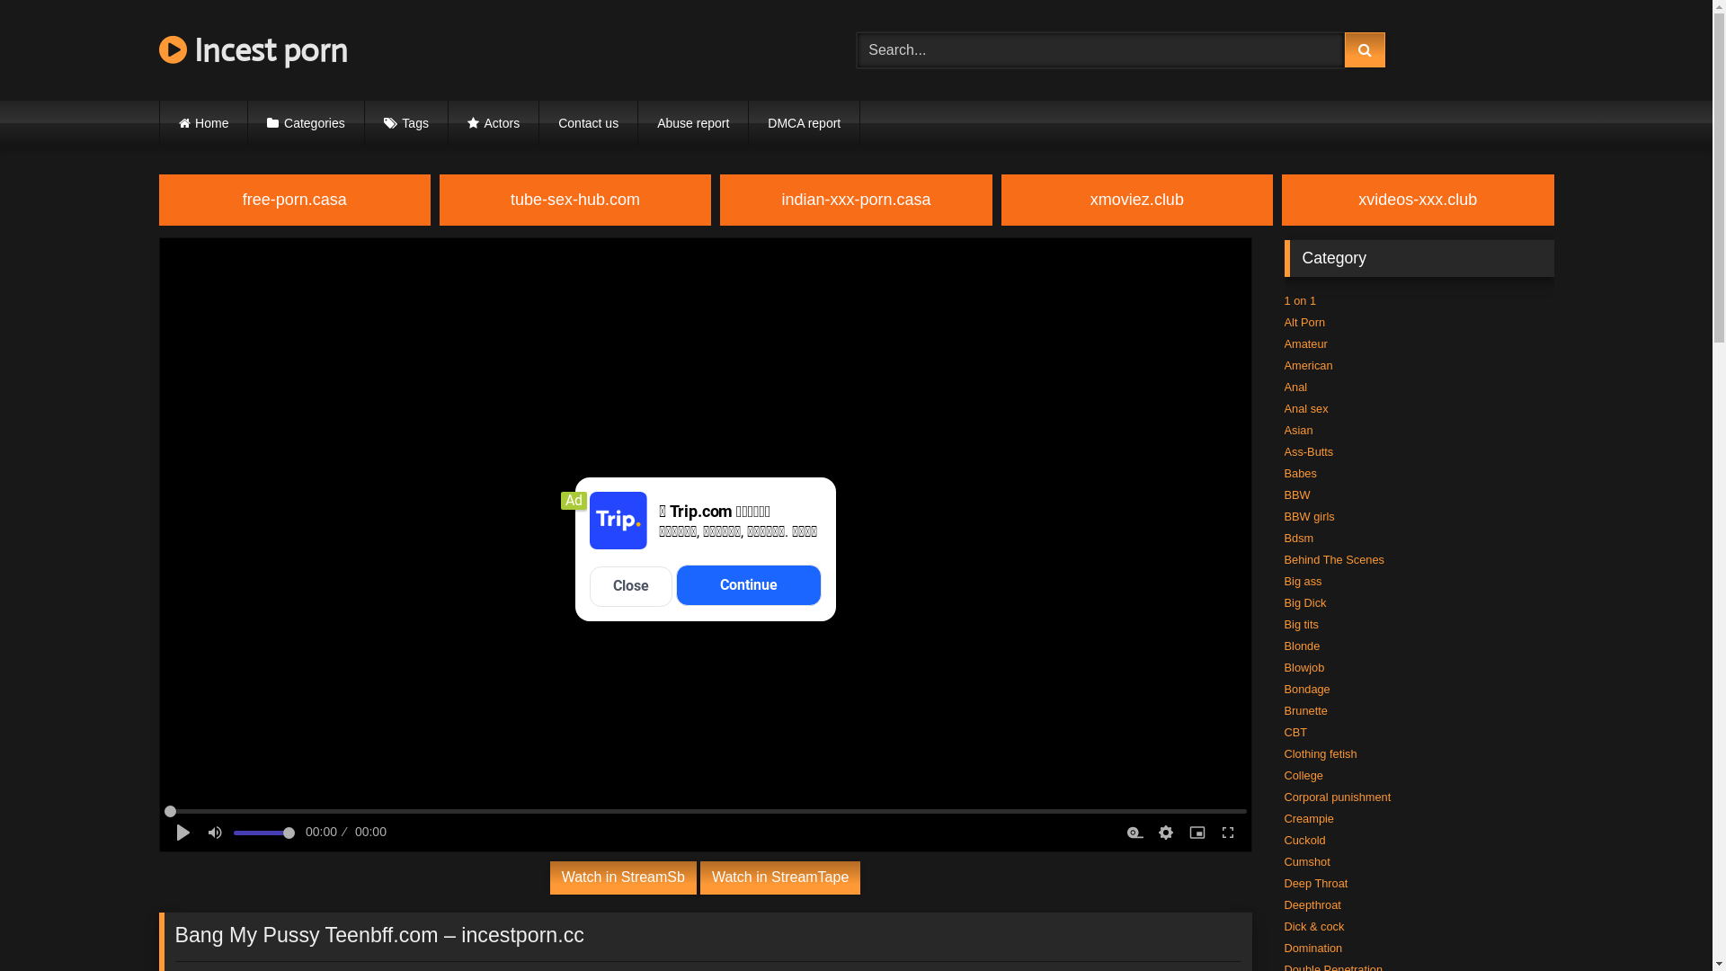 The height and width of the screenshot is (971, 1726). What do you see at coordinates (293, 200) in the screenshot?
I see `'free-porn.casa'` at bounding box center [293, 200].